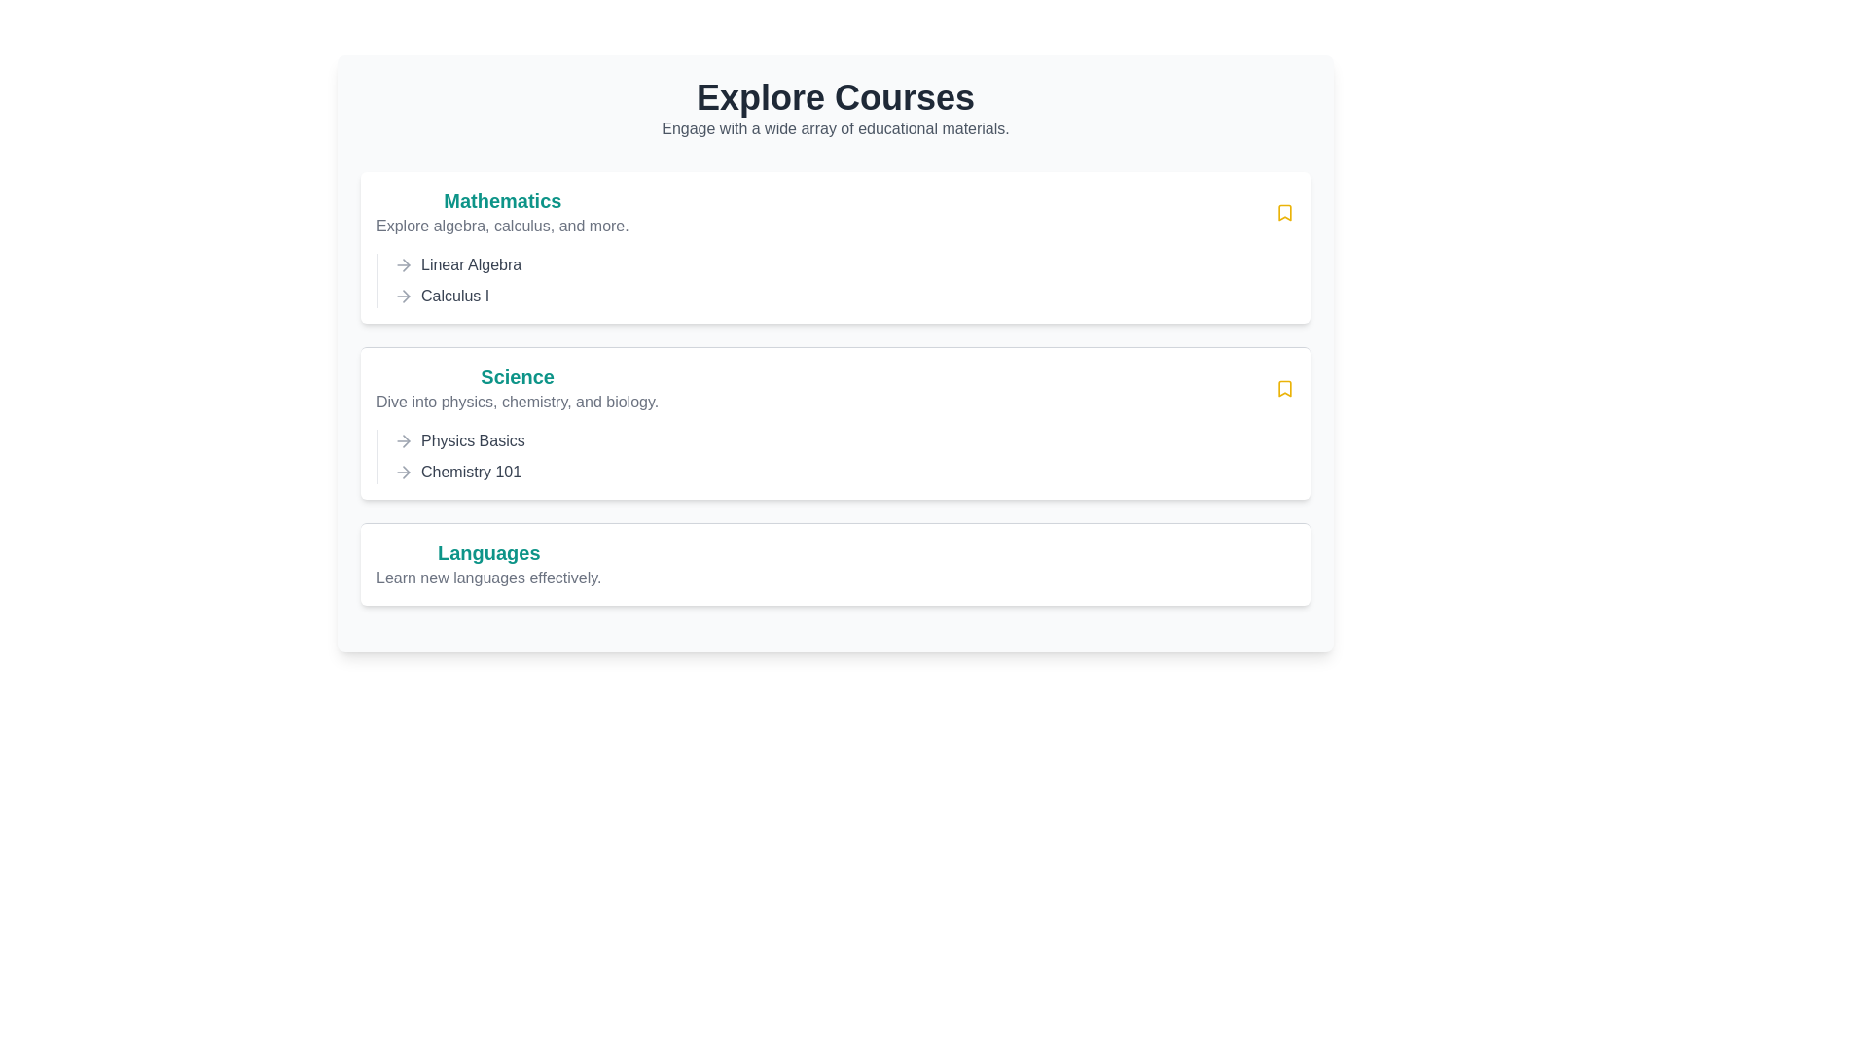 The height and width of the screenshot is (1050, 1868). What do you see at coordinates (402, 265) in the screenshot?
I see `the navigation icon located` at bounding box center [402, 265].